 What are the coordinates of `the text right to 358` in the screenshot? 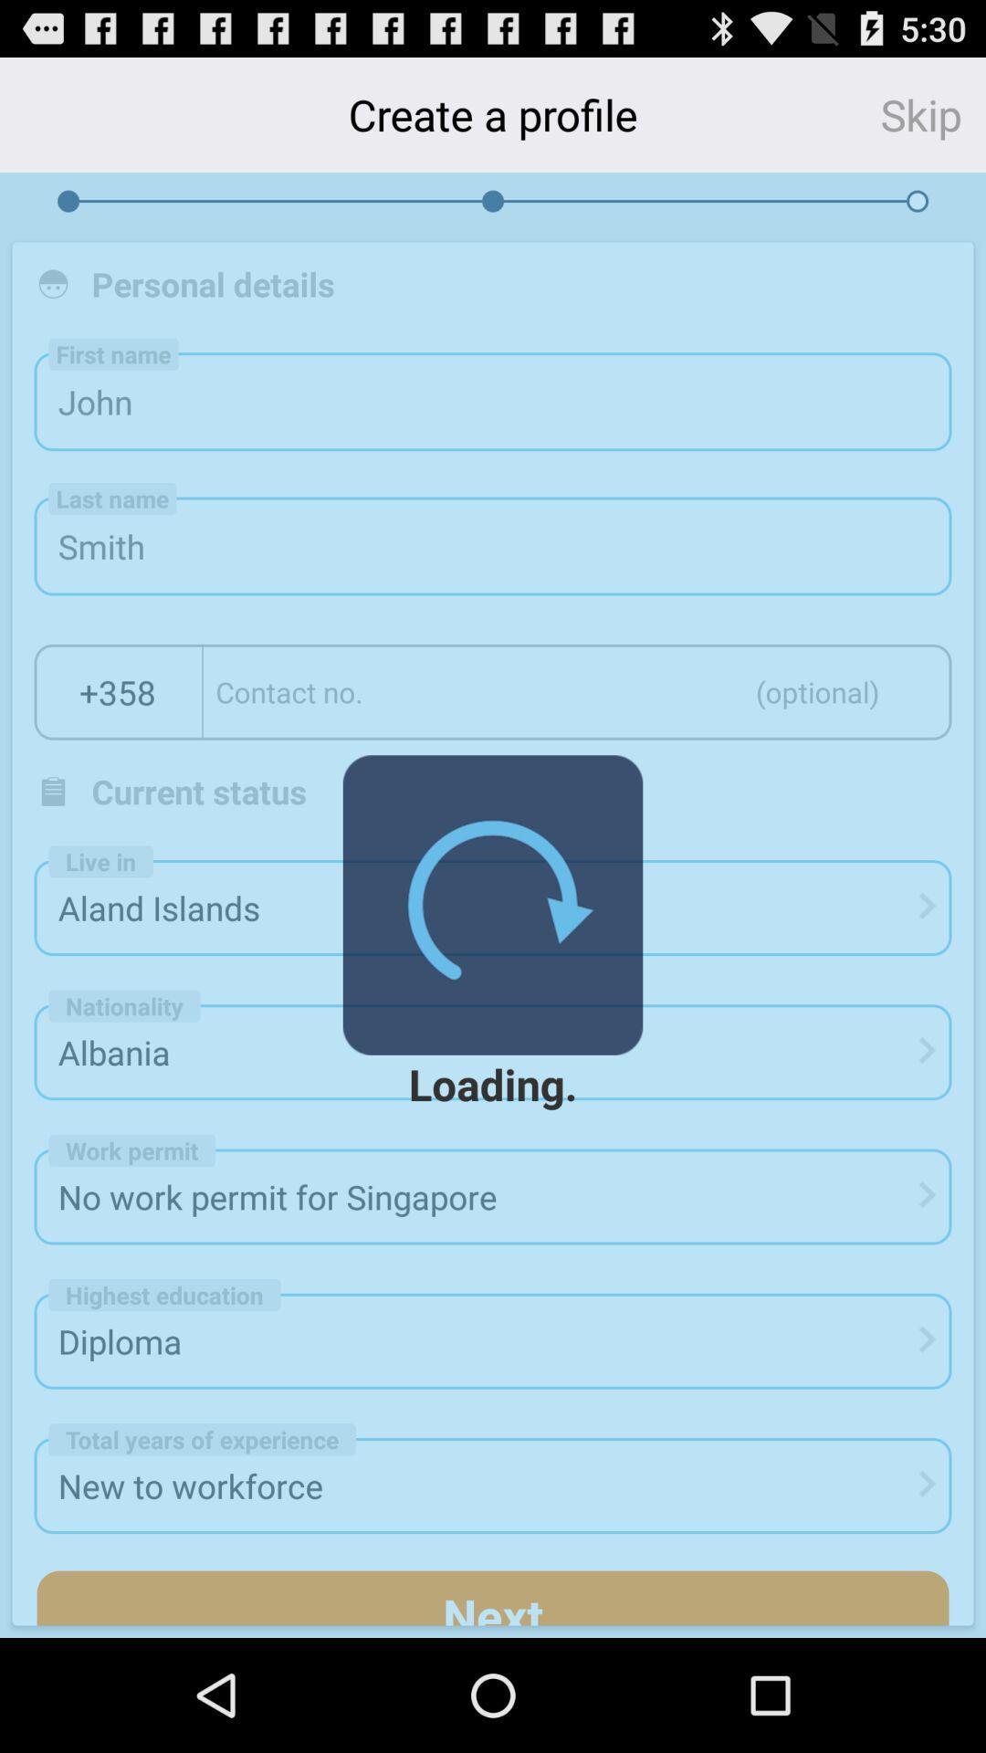 It's located at (577, 691).